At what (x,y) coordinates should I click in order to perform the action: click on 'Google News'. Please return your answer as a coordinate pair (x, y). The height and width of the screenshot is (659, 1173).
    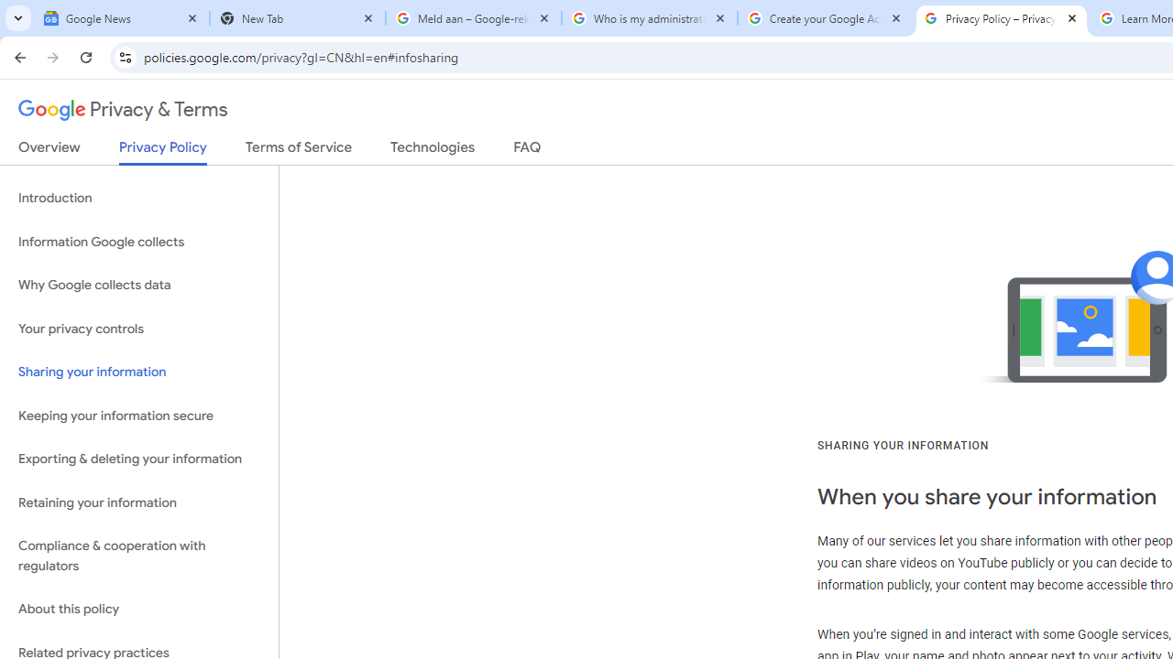
    Looking at the image, I should click on (121, 18).